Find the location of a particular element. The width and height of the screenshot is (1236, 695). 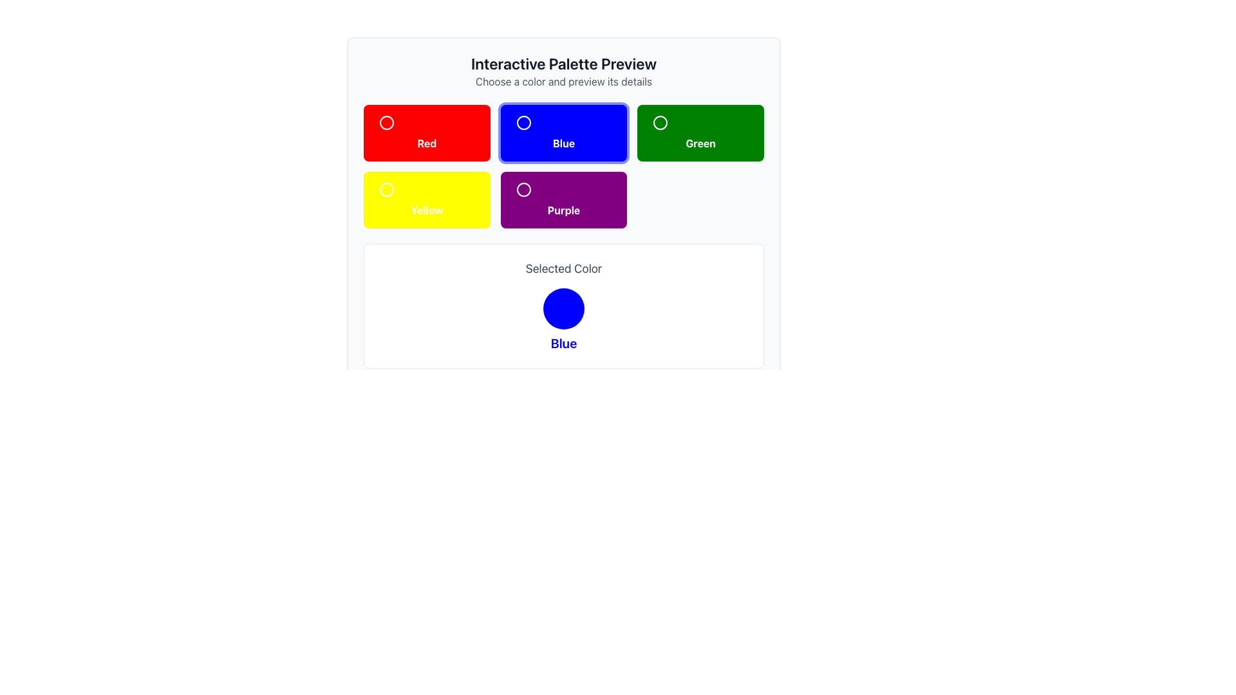

the selectable radio button located in the upper-left corner of the red box labeled 'Red' is located at coordinates (426, 123).